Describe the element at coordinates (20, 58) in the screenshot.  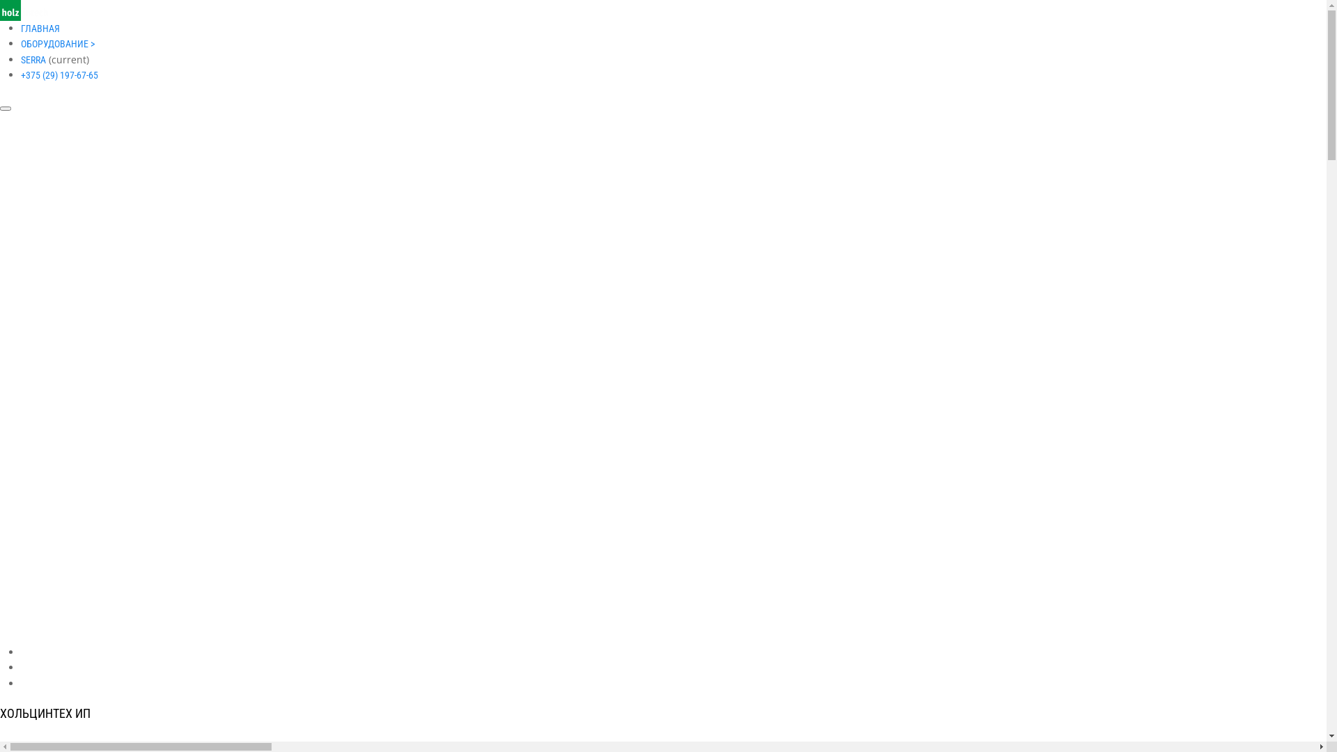
I see `'SERRA'` at that location.